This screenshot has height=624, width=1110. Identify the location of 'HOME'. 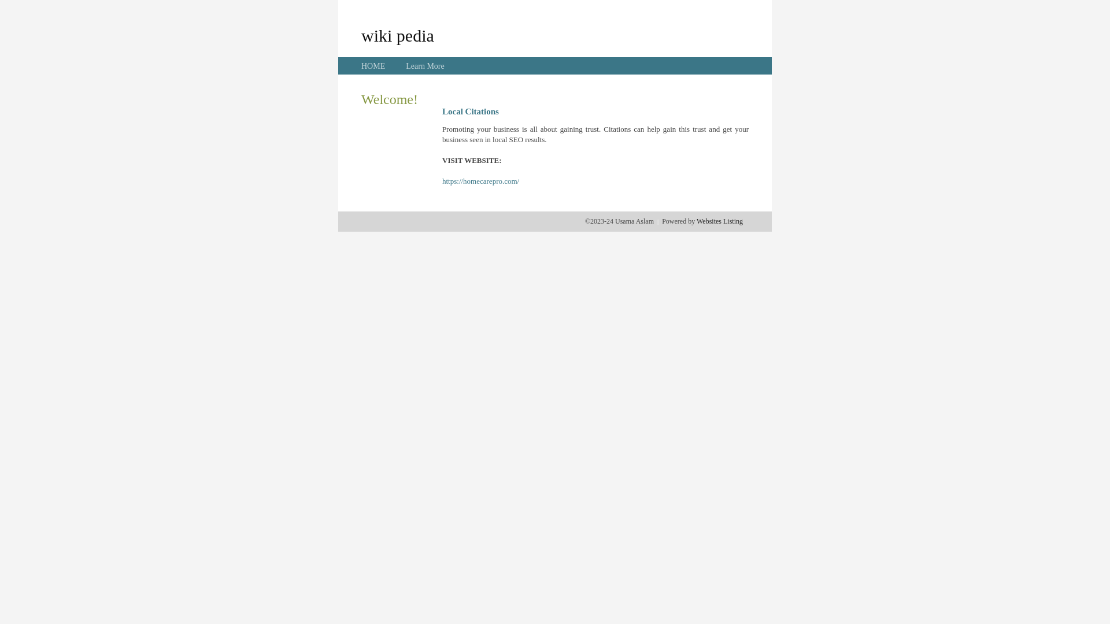
(373, 66).